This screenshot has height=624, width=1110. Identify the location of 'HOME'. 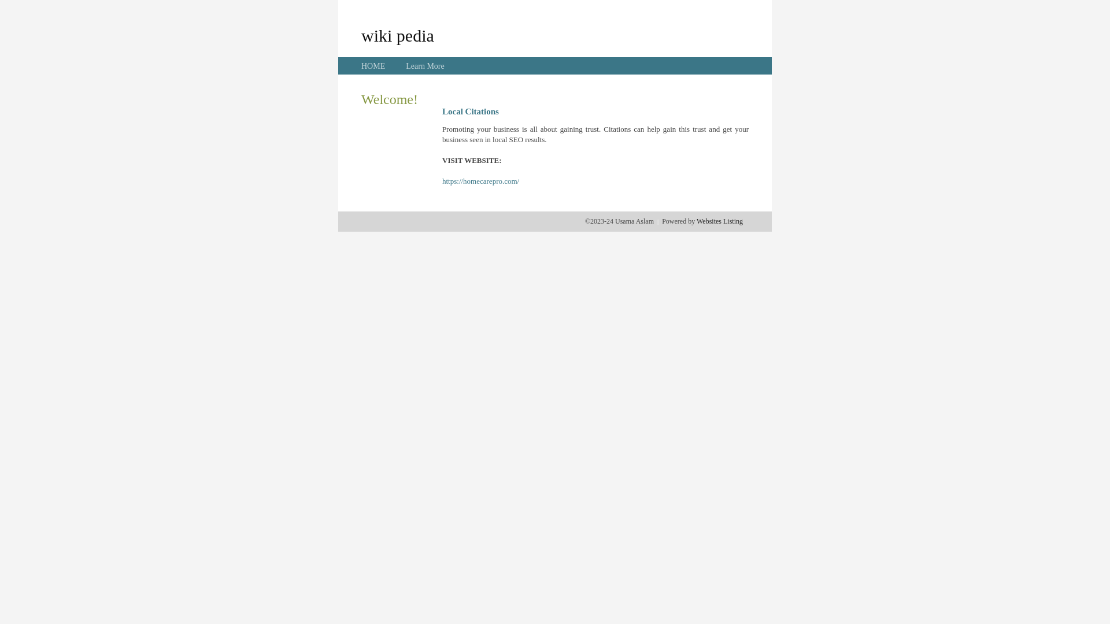
(373, 66).